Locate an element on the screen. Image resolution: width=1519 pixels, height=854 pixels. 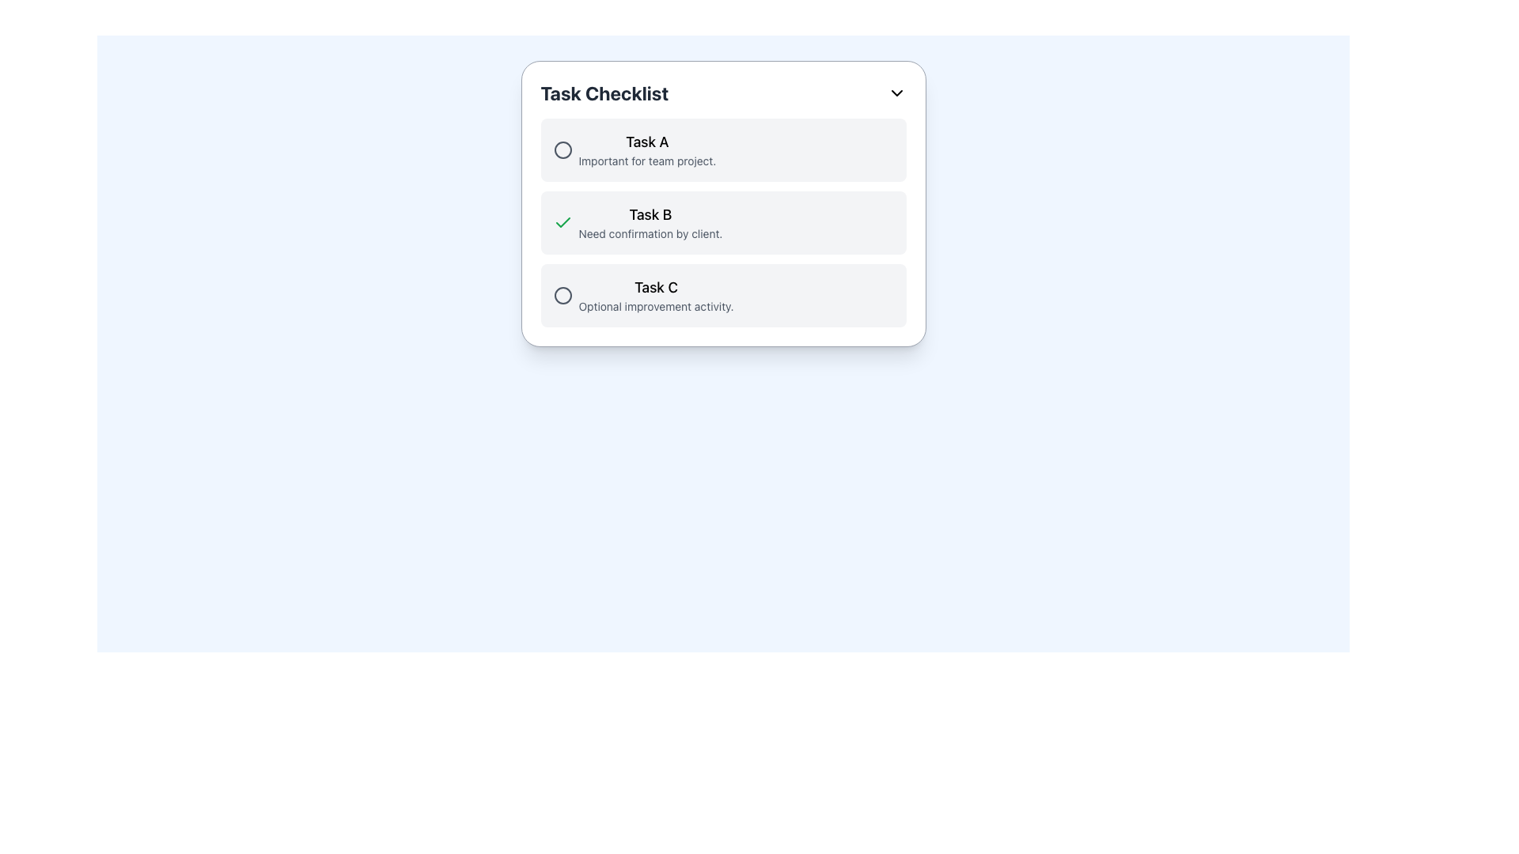
the text-based component labeled 'Task C' with the description 'Optional improvement activity' is located at coordinates (643, 296).